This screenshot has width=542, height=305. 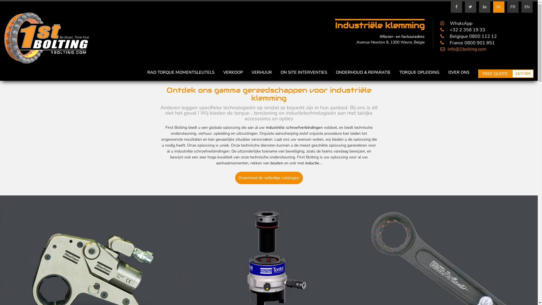 I want to click on 'Hydraulische spanners', so click(x=268, y=273).